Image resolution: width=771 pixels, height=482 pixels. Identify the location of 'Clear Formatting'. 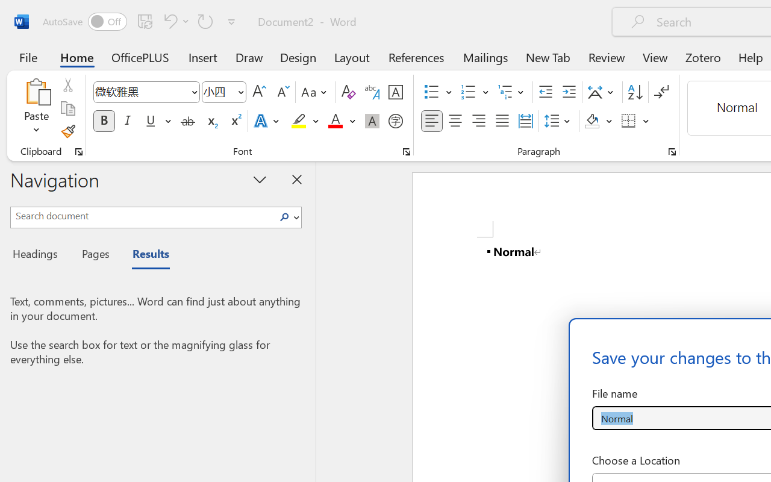
(348, 92).